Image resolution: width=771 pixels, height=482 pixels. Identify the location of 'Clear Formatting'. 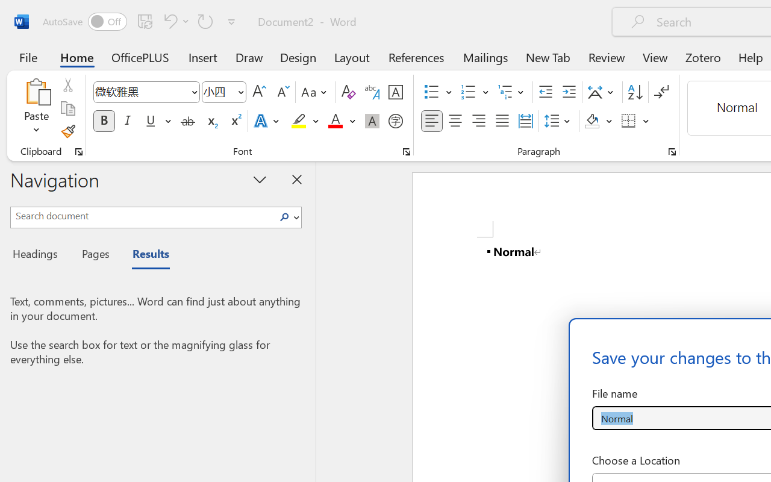
(348, 92).